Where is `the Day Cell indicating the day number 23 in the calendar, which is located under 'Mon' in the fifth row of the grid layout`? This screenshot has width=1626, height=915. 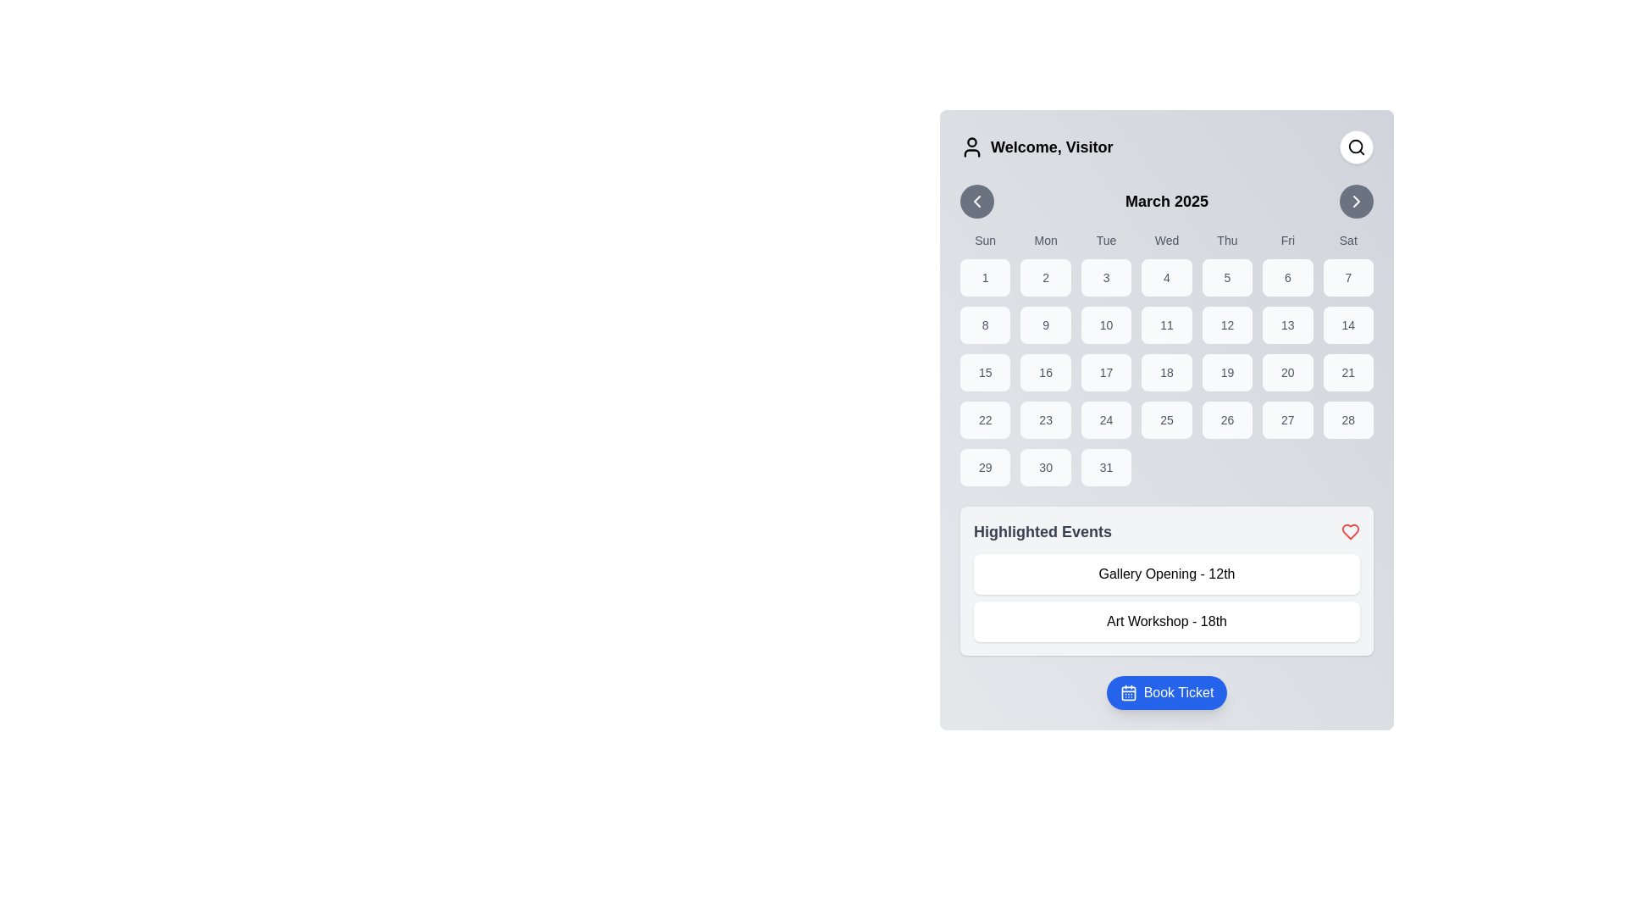
the Day Cell indicating the day number 23 in the calendar, which is located under 'Mon' in the fifth row of the grid layout is located at coordinates (1044, 419).